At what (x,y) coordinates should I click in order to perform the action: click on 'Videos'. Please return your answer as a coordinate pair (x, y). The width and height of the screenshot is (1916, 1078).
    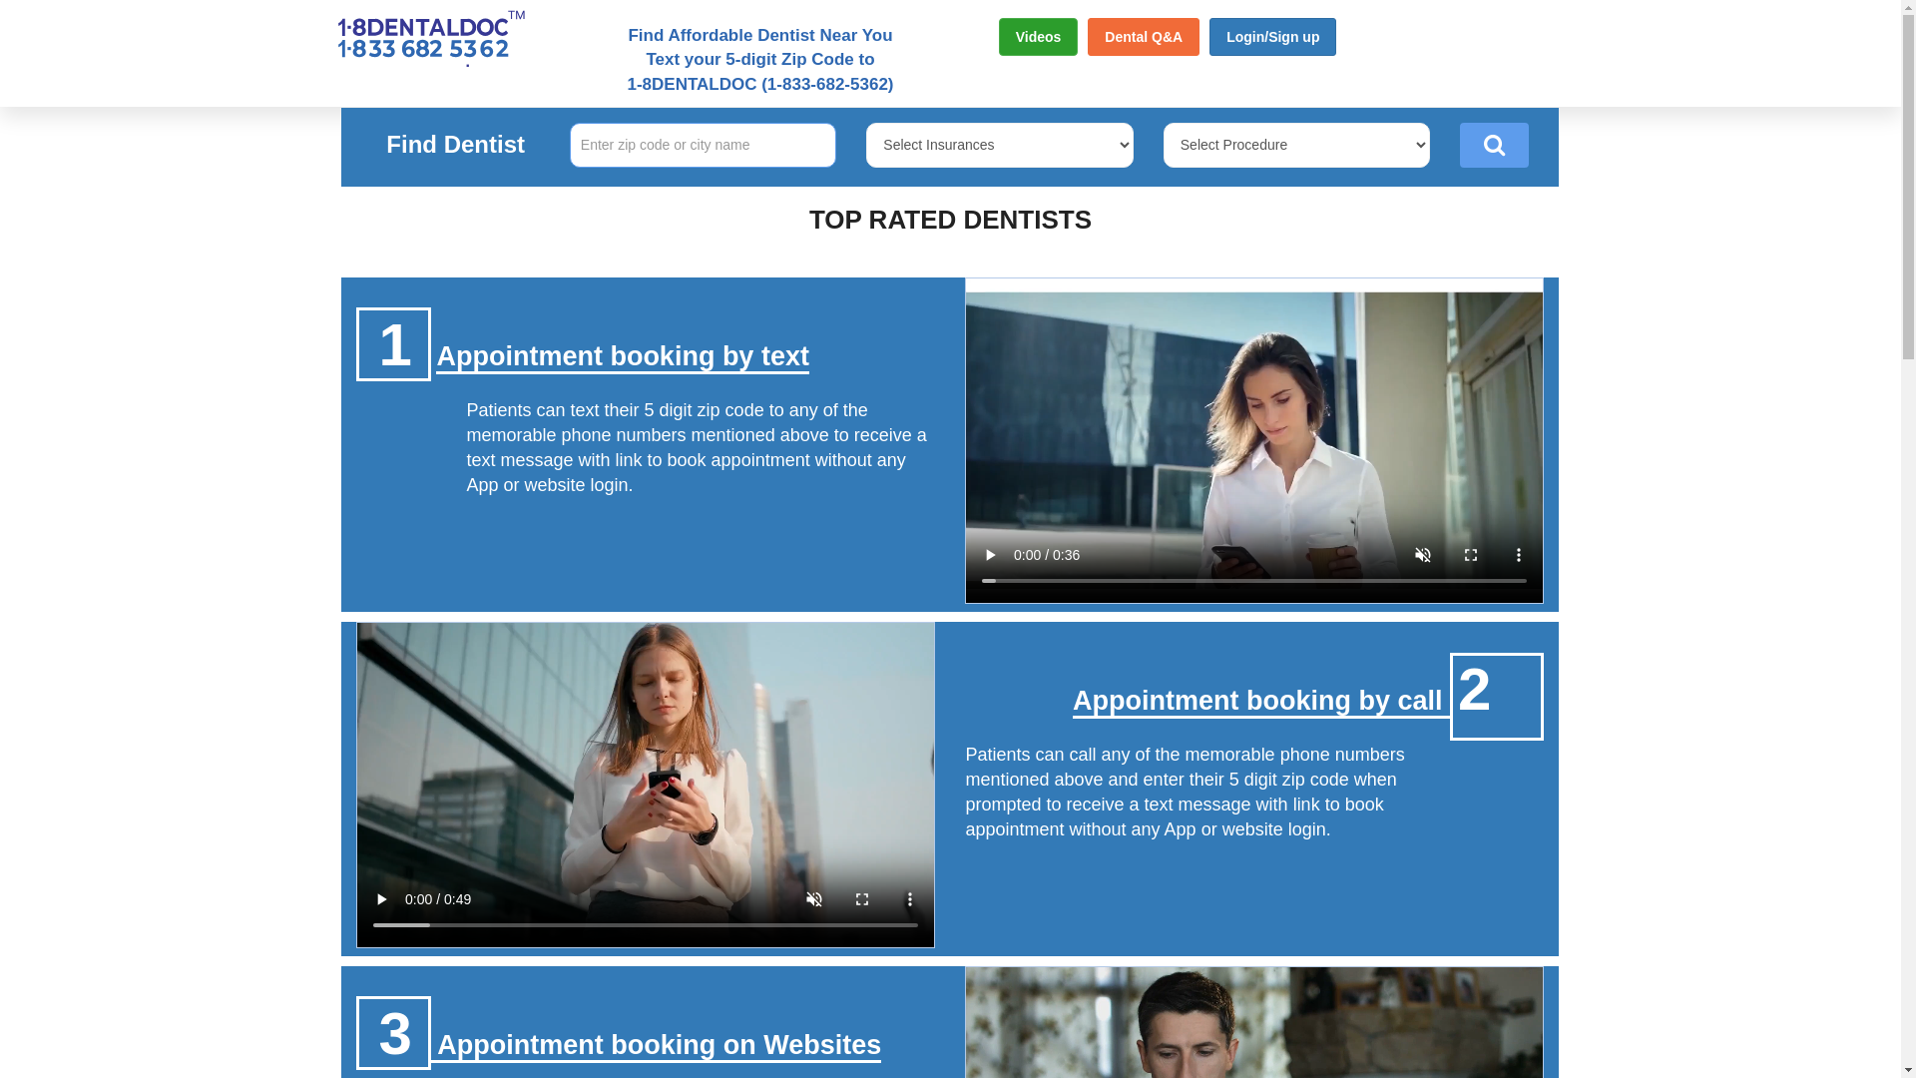
    Looking at the image, I should click on (1038, 37).